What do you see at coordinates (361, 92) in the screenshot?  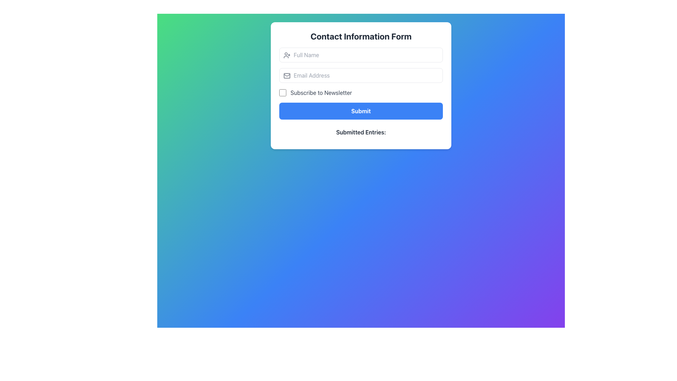 I see `the checkbox for the newsletter subscription, positioned above the blue 'Submit' button` at bounding box center [361, 92].